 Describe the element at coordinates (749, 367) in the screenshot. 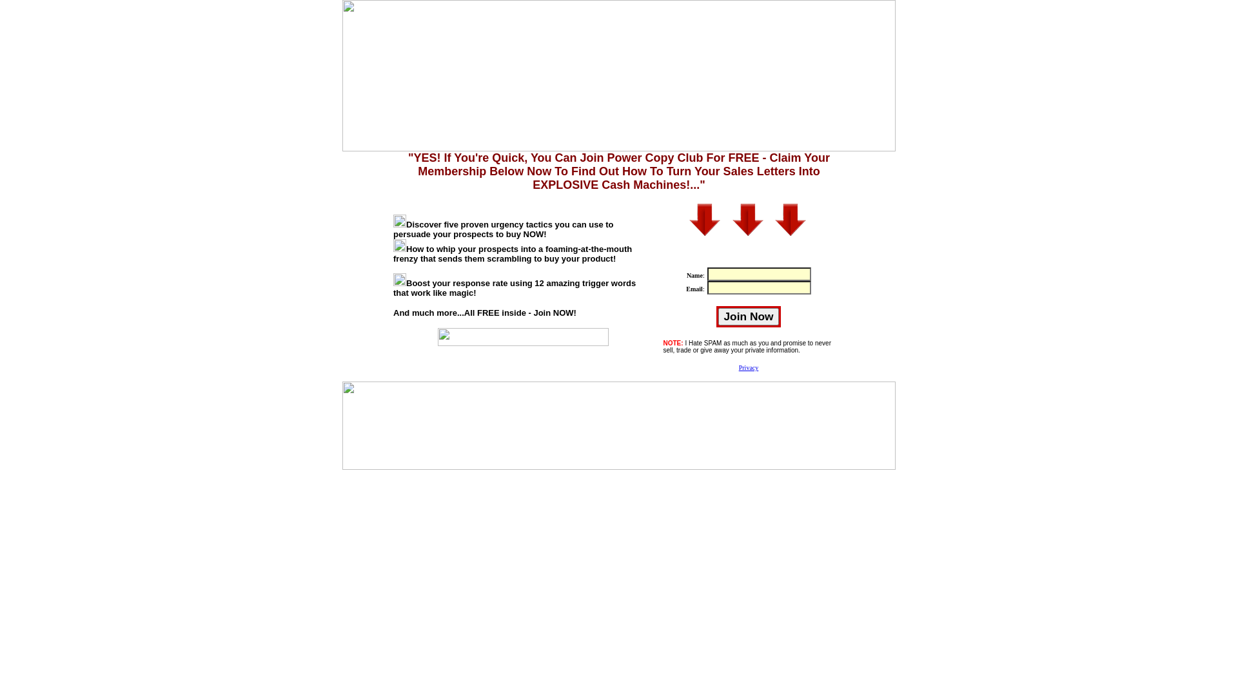

I see `'Privacy'` at that location.